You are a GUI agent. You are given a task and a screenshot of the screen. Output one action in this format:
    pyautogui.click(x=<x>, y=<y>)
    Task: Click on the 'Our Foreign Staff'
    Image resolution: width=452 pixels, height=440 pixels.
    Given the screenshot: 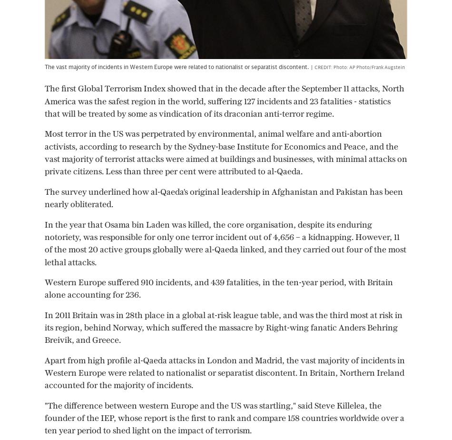 What is the action you would take?
    pyautogui.click(x=191, y=352)
    